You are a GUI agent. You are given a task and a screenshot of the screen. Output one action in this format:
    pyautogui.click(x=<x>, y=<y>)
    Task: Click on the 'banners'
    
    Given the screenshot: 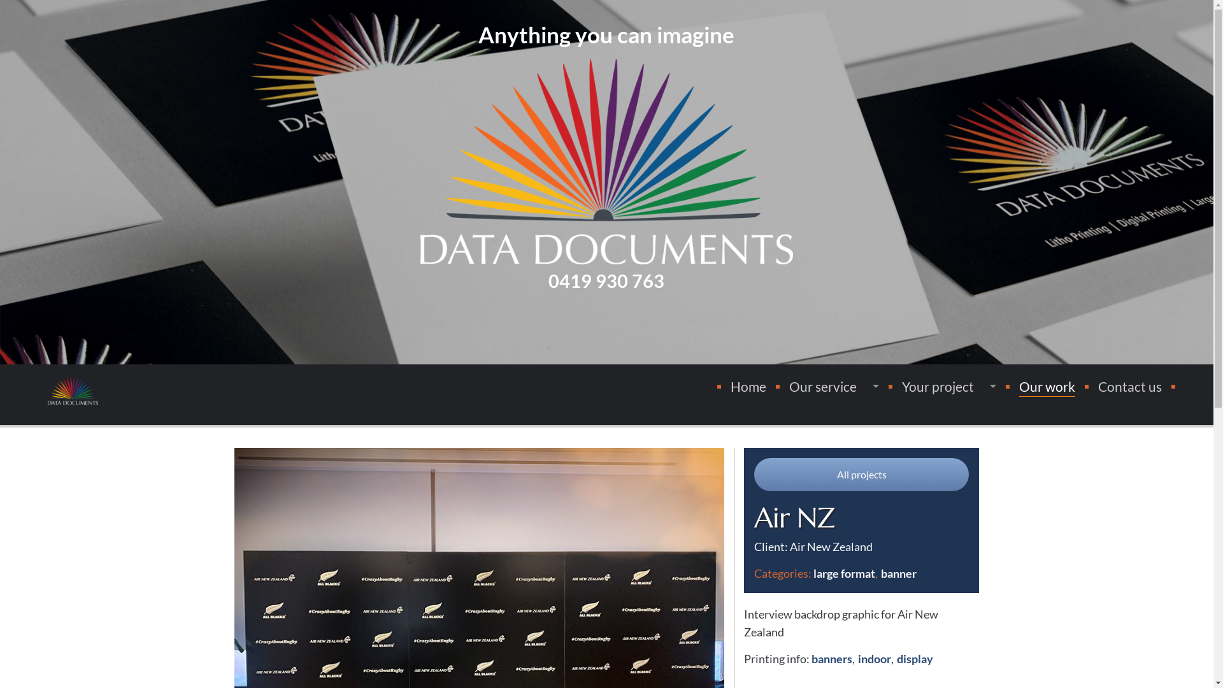 What is the action you would take?
    pyautogui.click(x=831, y=659)
    